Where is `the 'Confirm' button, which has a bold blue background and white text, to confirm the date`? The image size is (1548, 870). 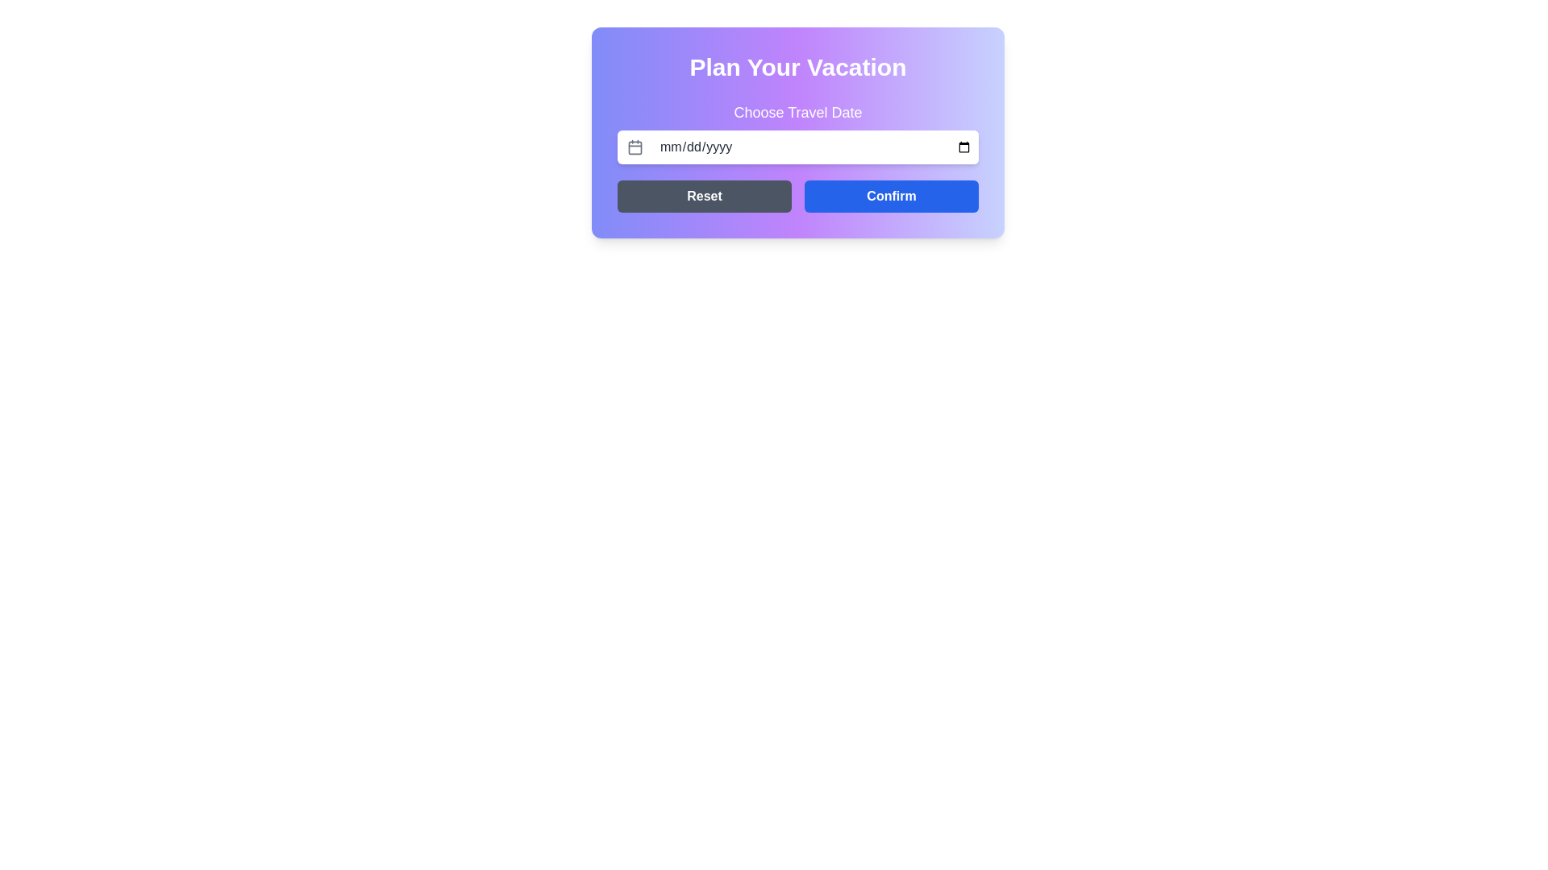 the 'Confirm' button, which has a bold blue background and white text, to confirm the date is located at coordinates (890, 195).